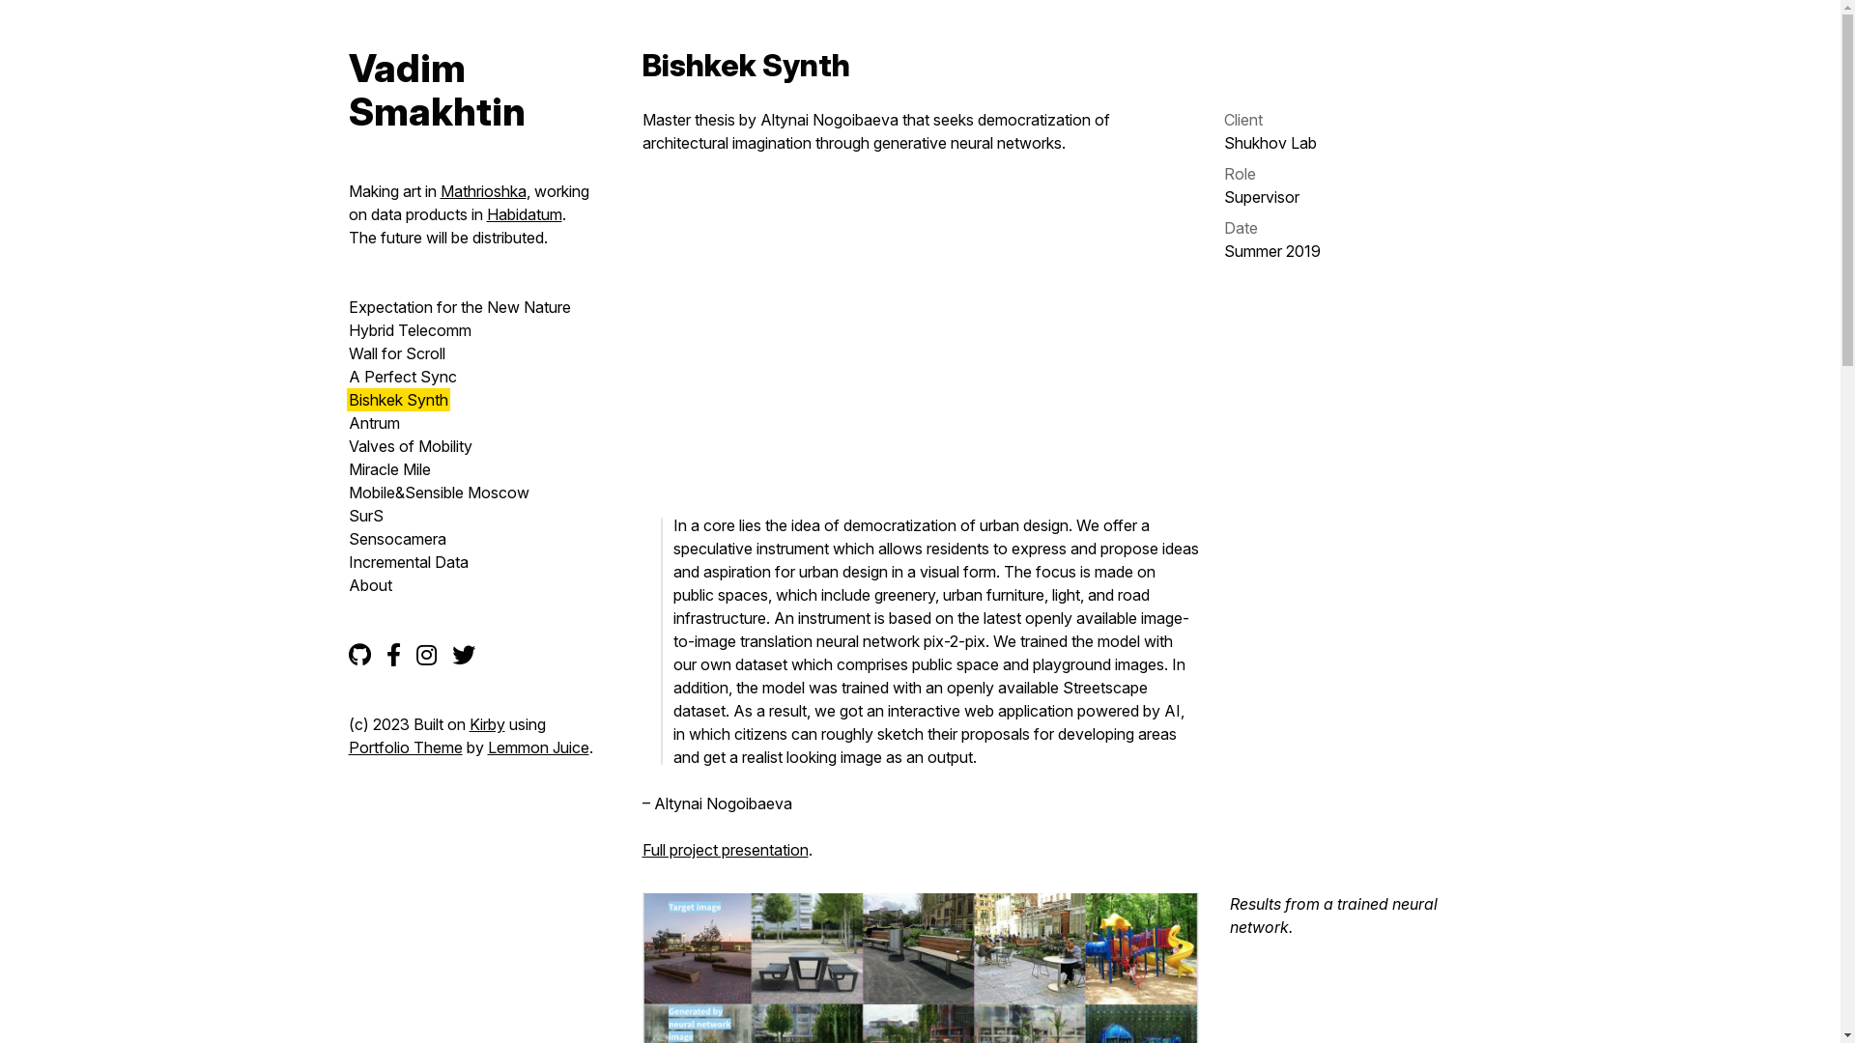 Image resolution: width=1855 pixels, height=1043 pixels. Describe the element at coordinates (471, 89) in the screenshot. I see `'Vadim Smakhtin'` at that location.